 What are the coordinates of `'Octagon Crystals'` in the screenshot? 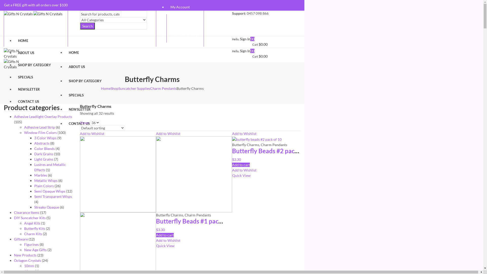 It's located at (14, 260).